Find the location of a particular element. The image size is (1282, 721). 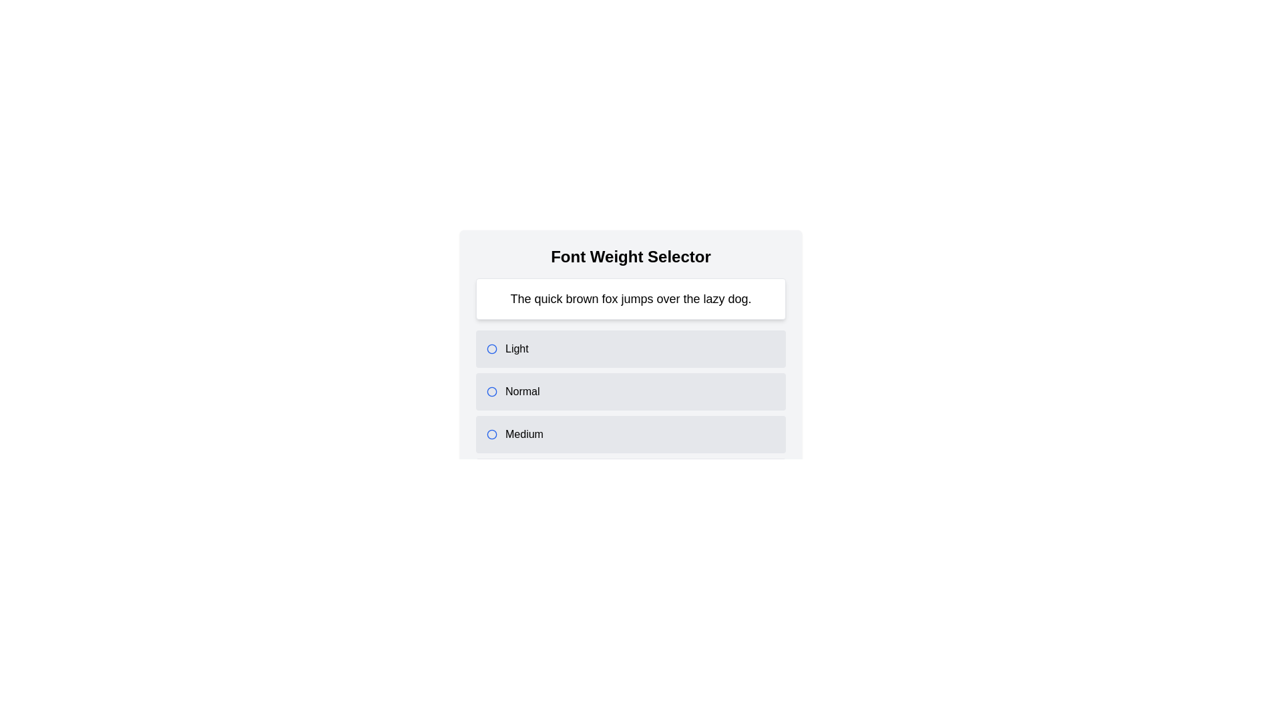

the Radio button indicator is located at coordinates (491, 348).